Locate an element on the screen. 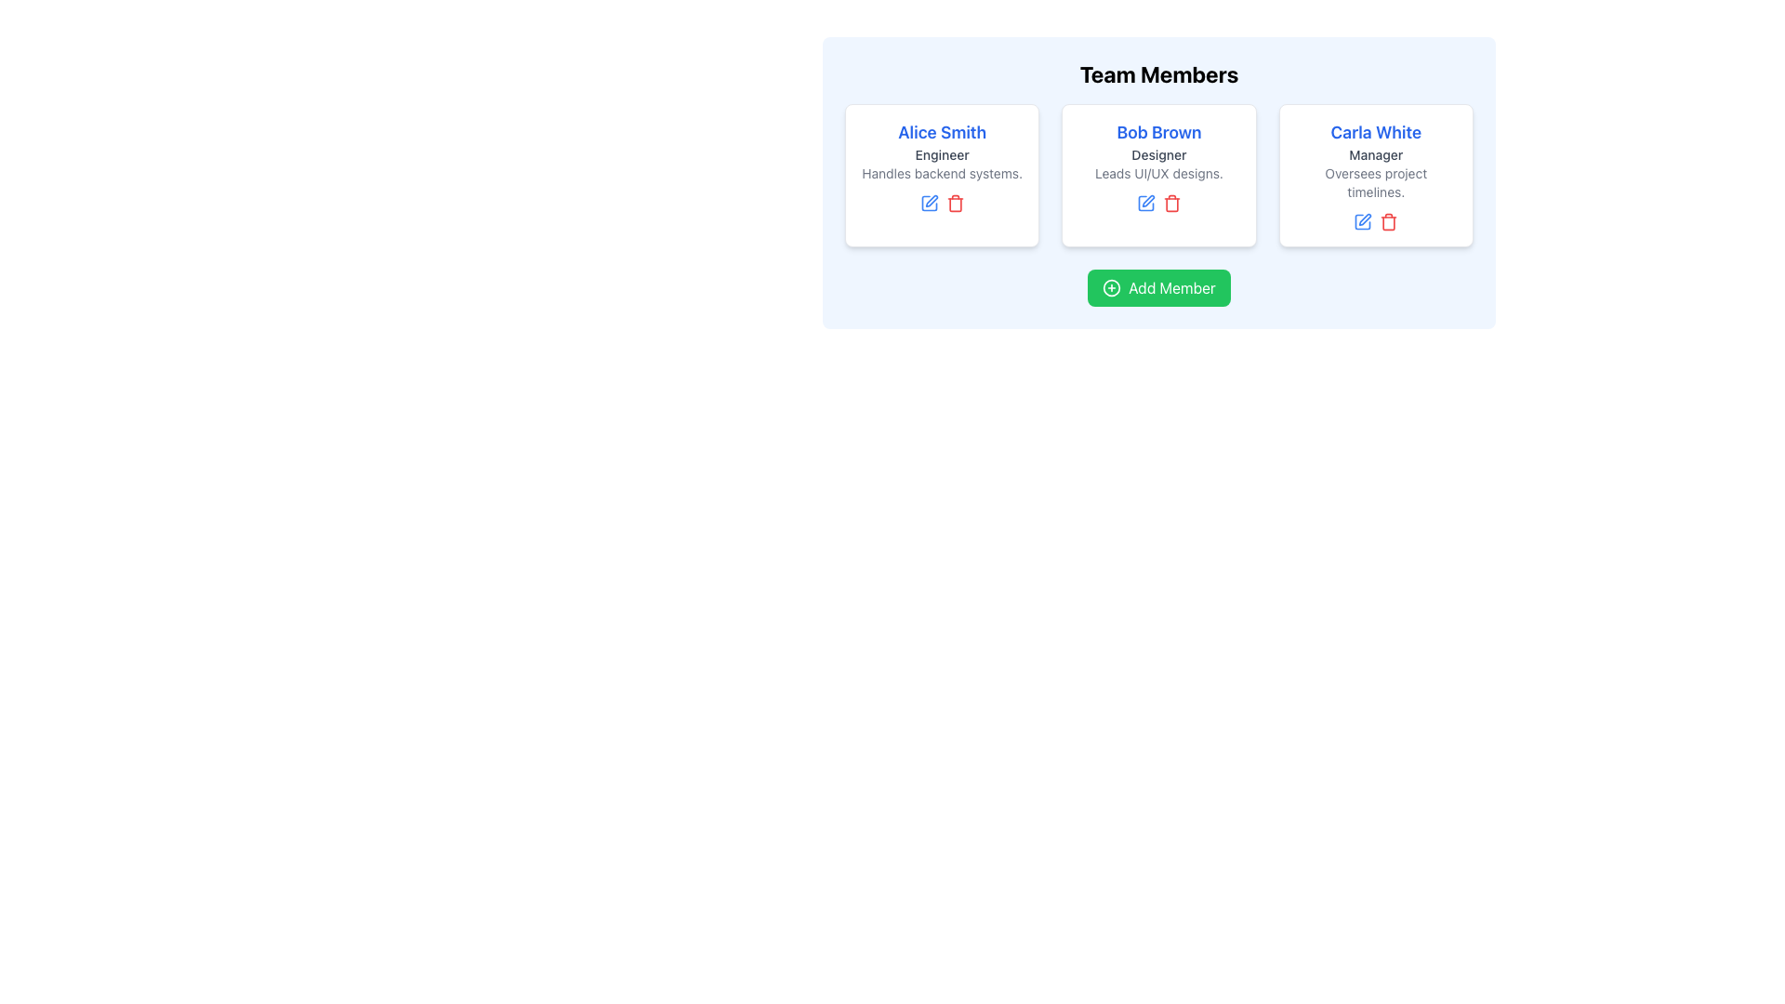 This screenshot has width=1785, height=1004. the pen icon located on the card labeled 'Bob Brown' in the top right corner to initiate the edit action is located at coordinates (1147, 201).